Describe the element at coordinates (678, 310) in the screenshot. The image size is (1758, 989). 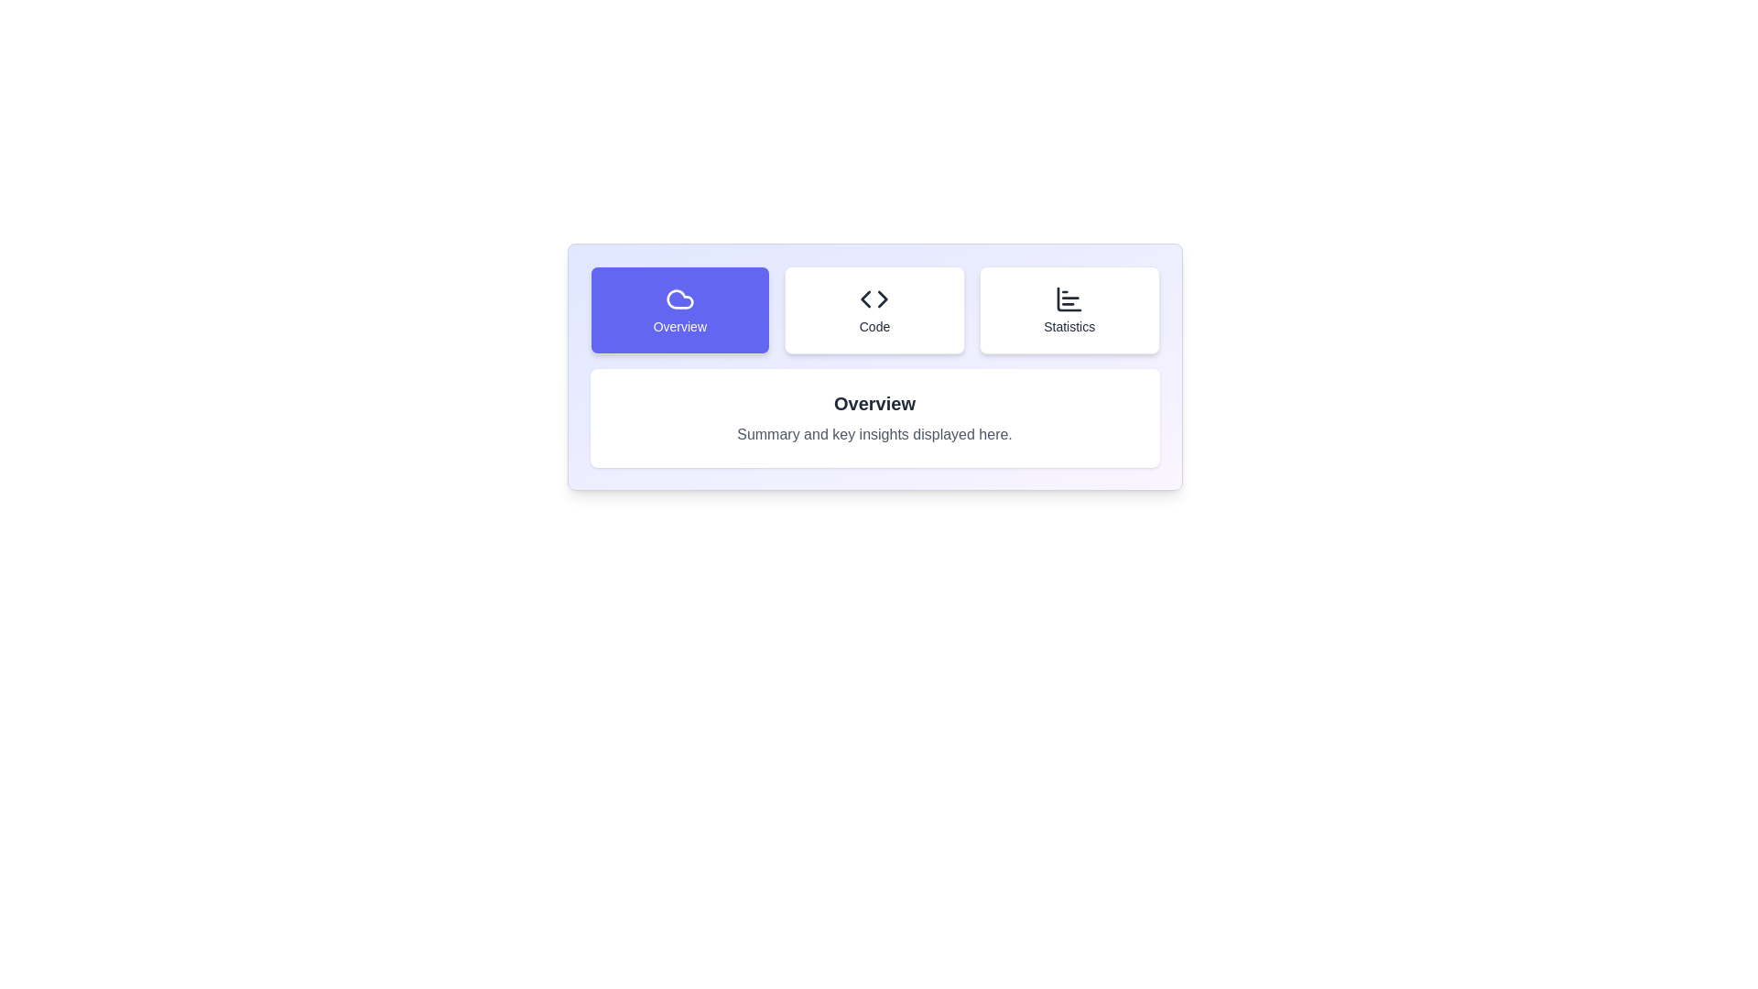
I see `the Overview tab by clicking on its button` at that location.